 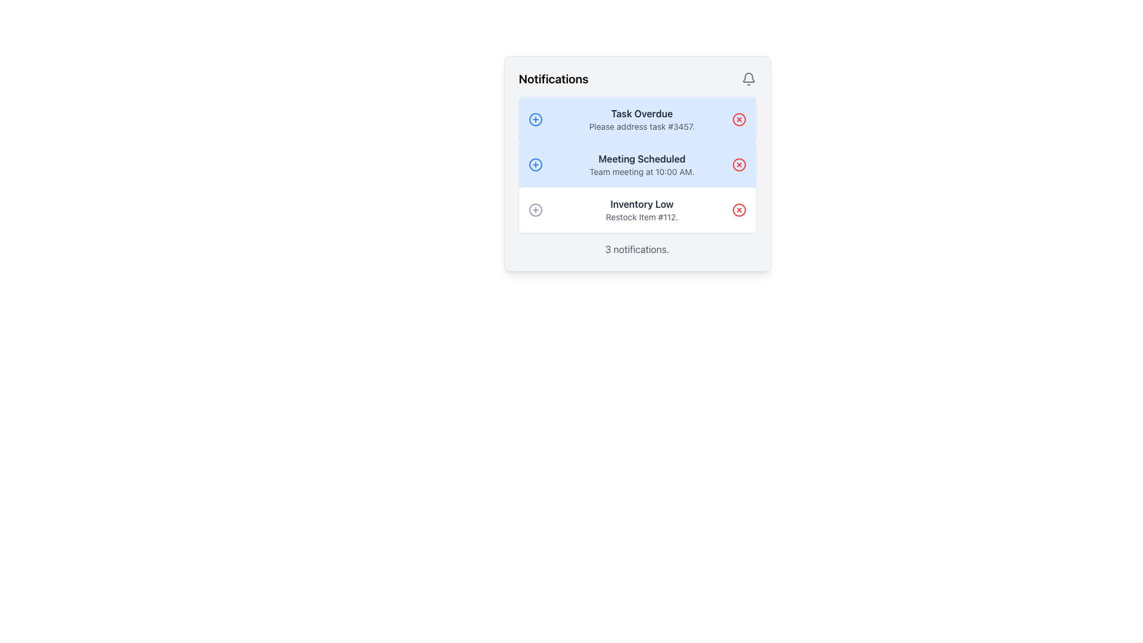 I want to click on the 'Inventory Low' text display, which is part of a notification card located at the bottom of a list of notifications, to interact with the notification, so click(x=641, y=210).